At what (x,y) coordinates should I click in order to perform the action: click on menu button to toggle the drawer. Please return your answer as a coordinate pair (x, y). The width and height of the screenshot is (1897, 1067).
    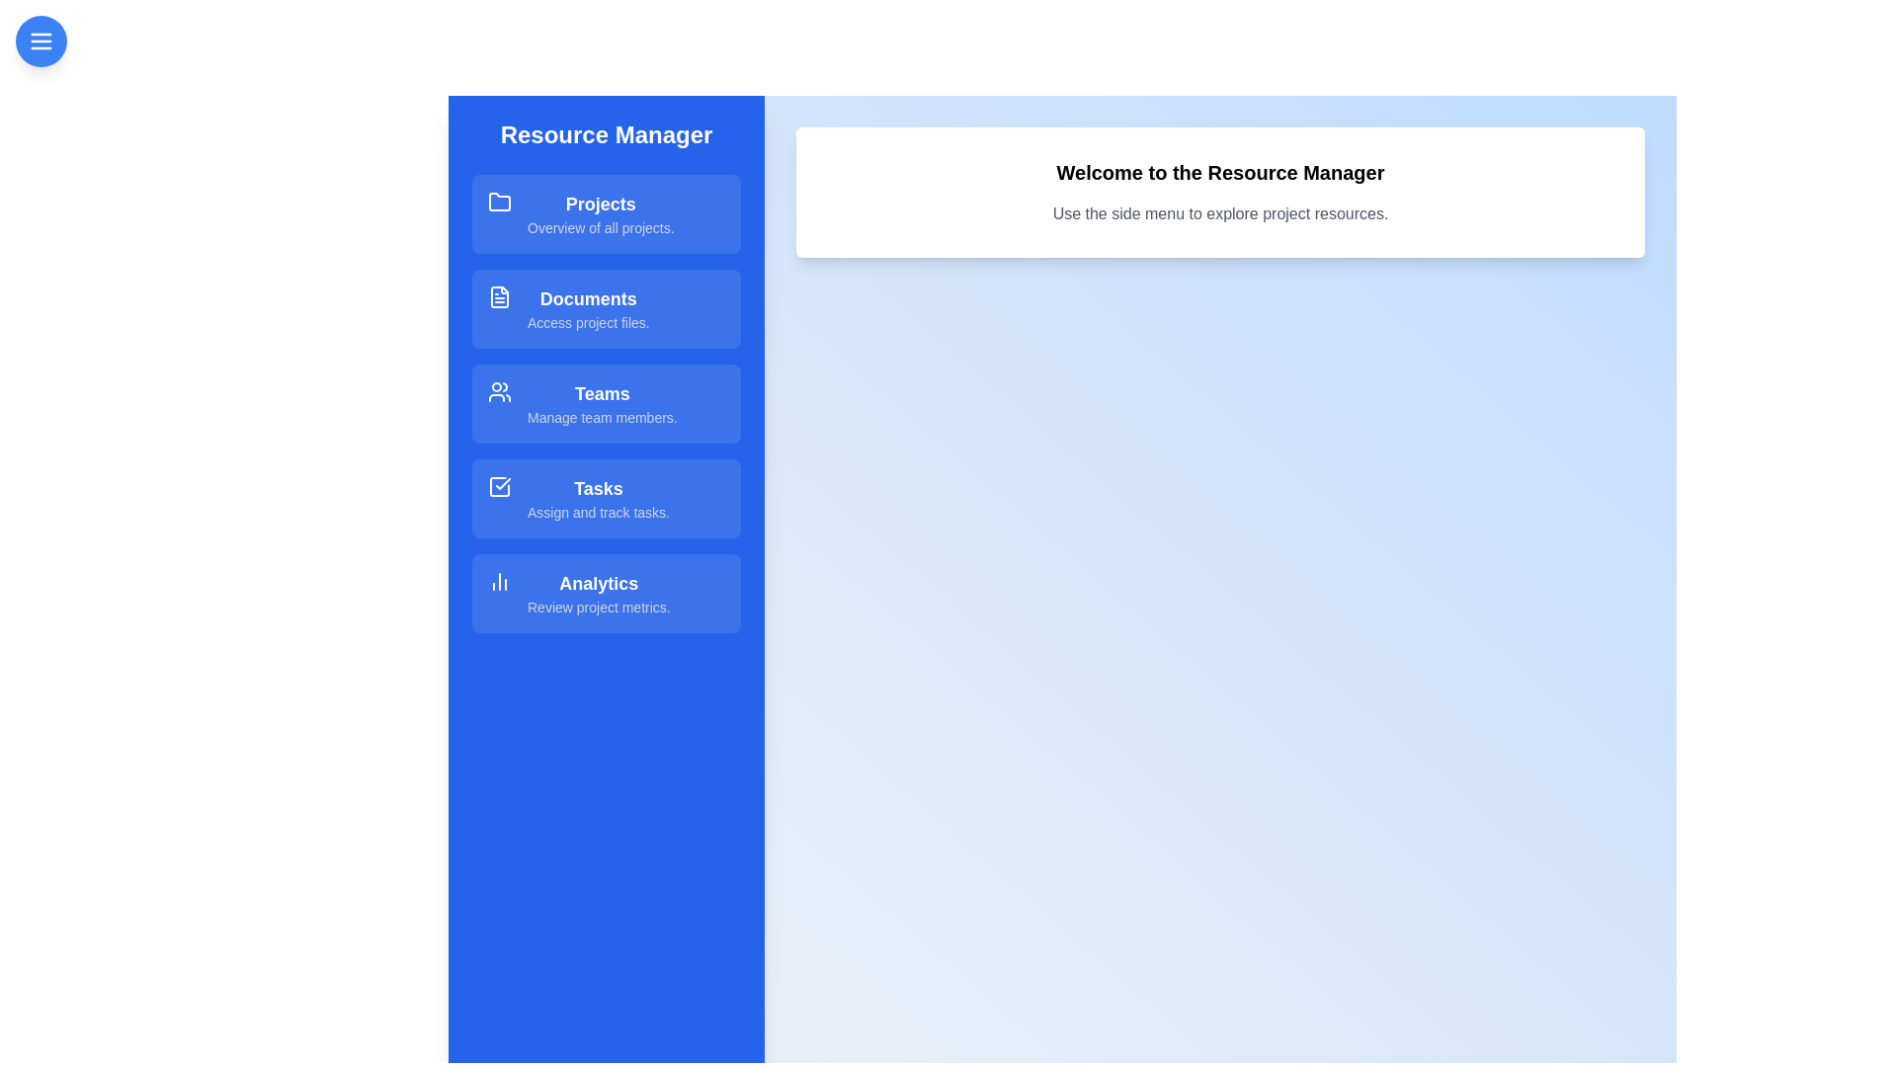
    Looking at the image, I should click on (41, 41).